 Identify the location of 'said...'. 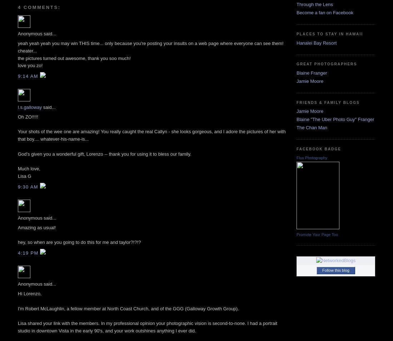
(48, 107).